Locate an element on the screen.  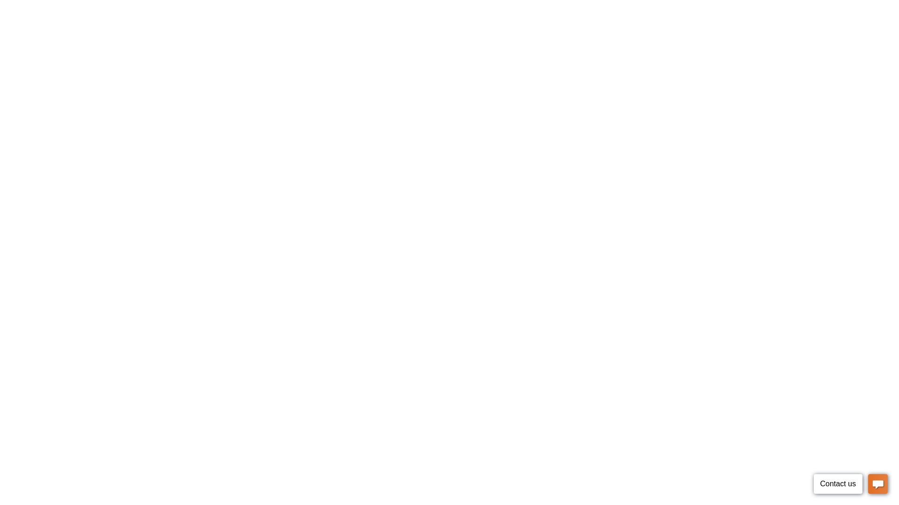
'Pure Chat Live Chat' is located at coordinates (850, 484).